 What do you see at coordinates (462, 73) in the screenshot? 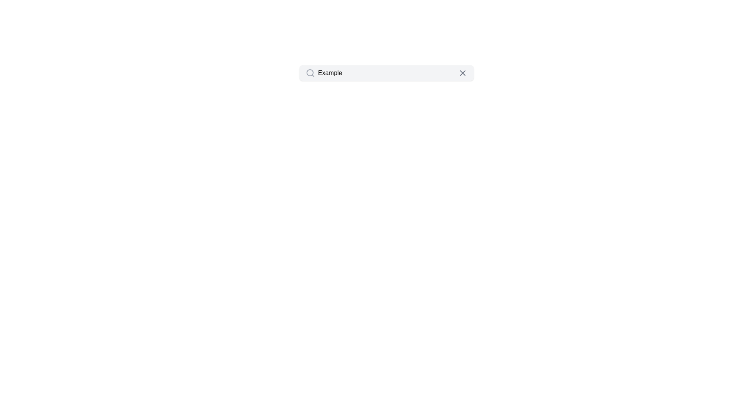
I see `the gray 'X' close button located at the far right end of the search bar to clear the input field` at bounding box center [462, 73].